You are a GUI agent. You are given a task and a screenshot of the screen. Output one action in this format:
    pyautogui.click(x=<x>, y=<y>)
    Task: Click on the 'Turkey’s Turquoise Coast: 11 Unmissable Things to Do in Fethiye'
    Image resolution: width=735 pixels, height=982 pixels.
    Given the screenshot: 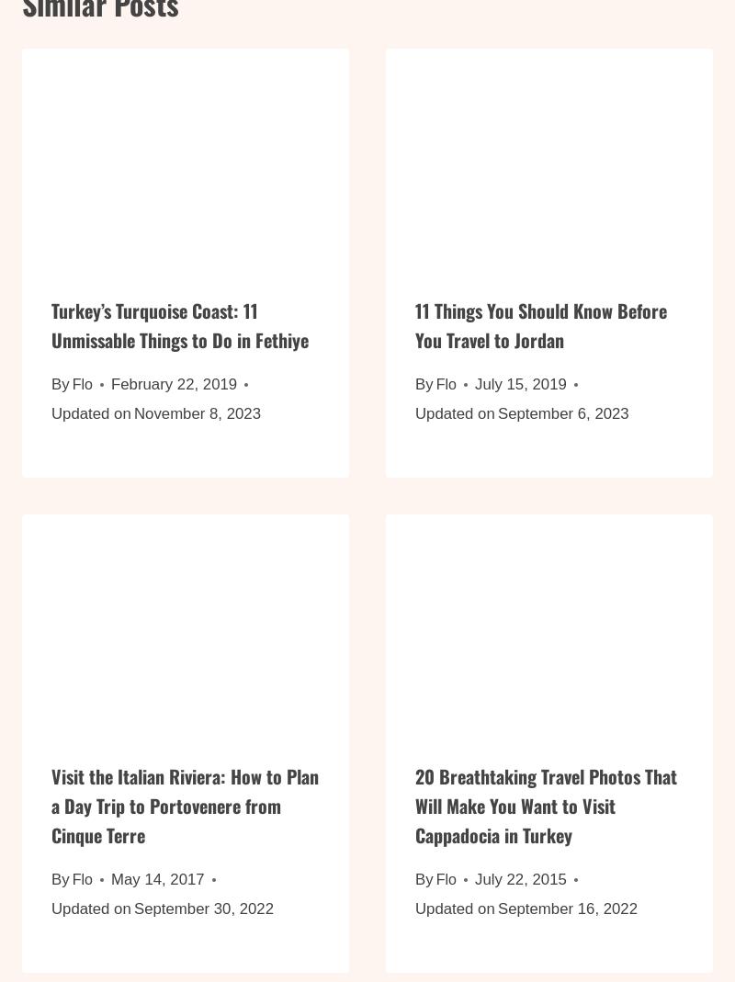 What is the action you would take?
    pyautogui.click(x=179, y=336)
    